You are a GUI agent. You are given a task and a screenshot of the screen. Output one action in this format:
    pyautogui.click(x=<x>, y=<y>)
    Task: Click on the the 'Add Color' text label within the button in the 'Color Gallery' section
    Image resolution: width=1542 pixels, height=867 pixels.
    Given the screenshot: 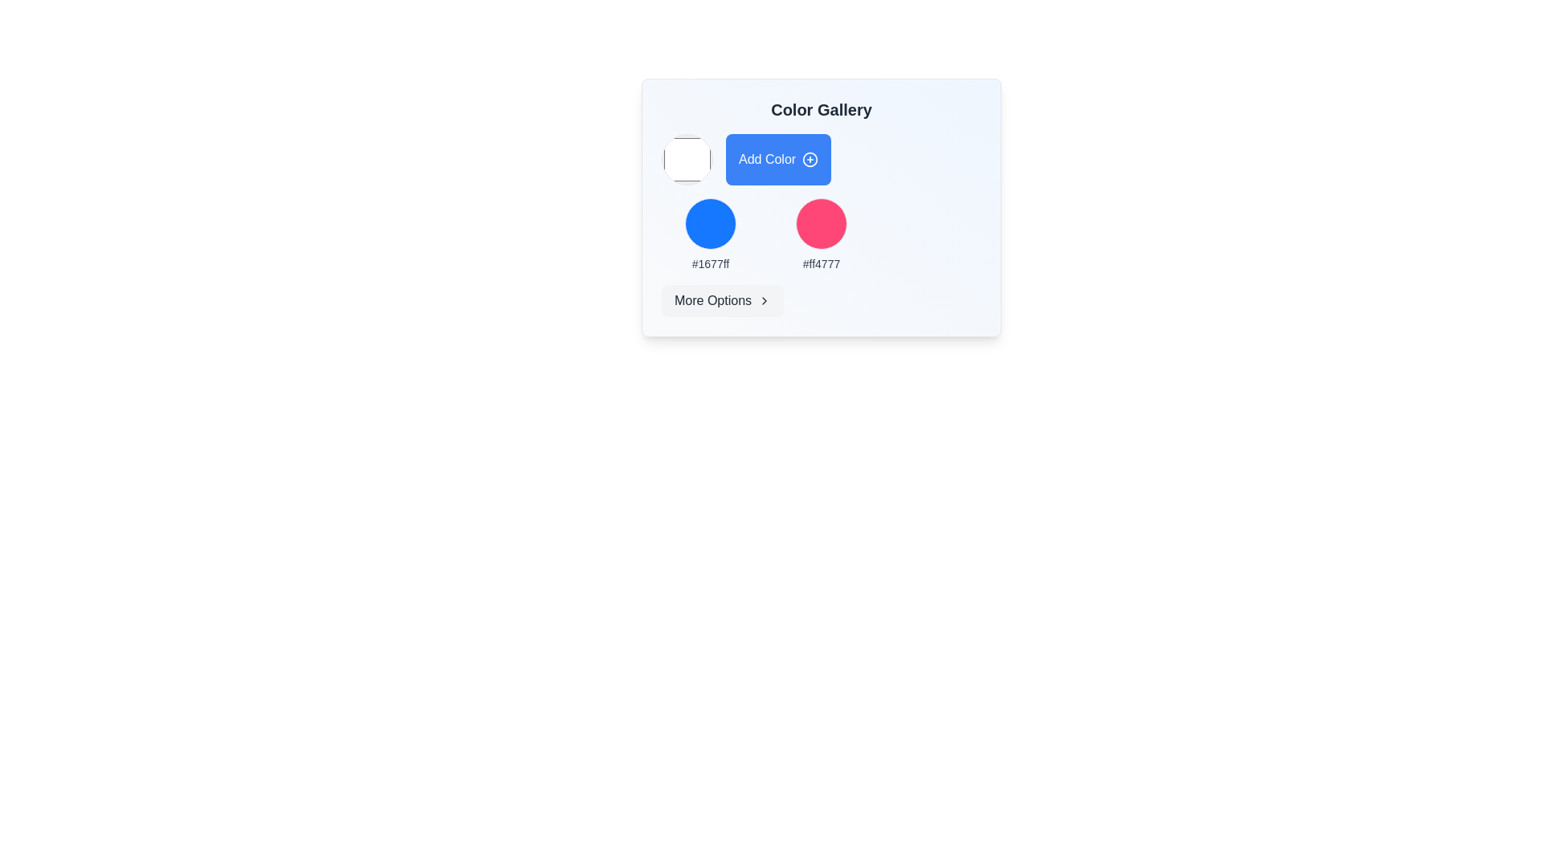 What is the action you would take?
    pyautogui.click(x=766, y=160)
    